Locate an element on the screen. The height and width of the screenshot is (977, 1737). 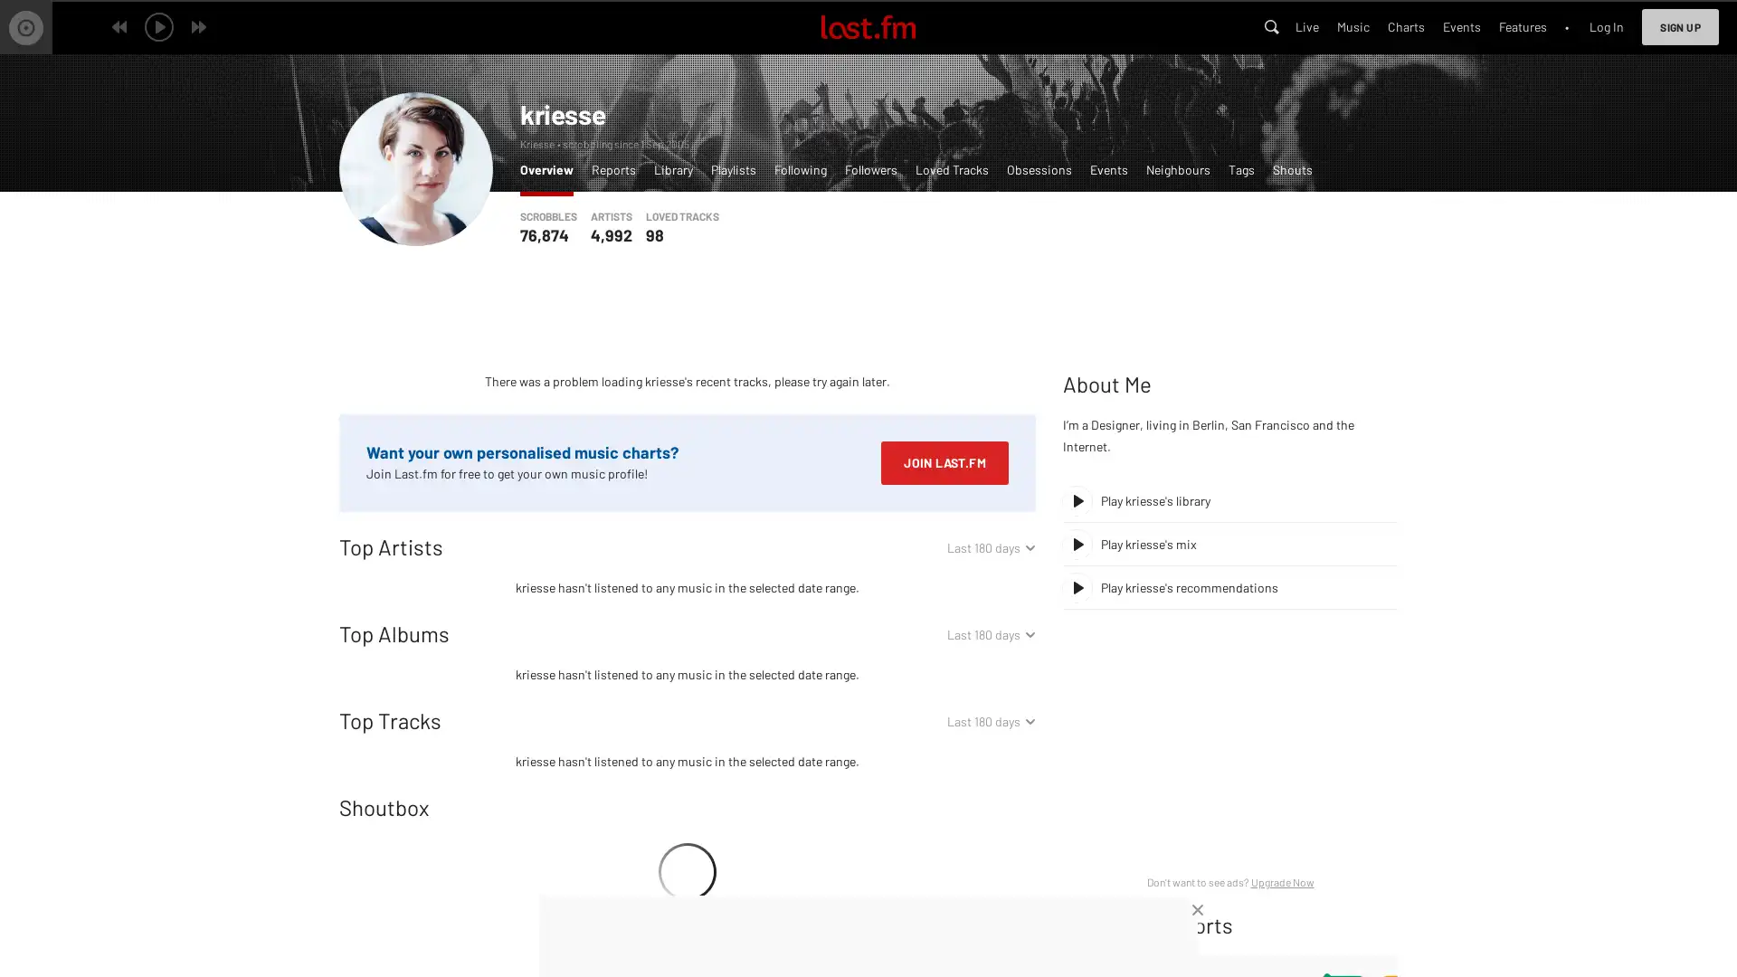
Sorted by: Last 180 days is located at coordinates (990, 634).